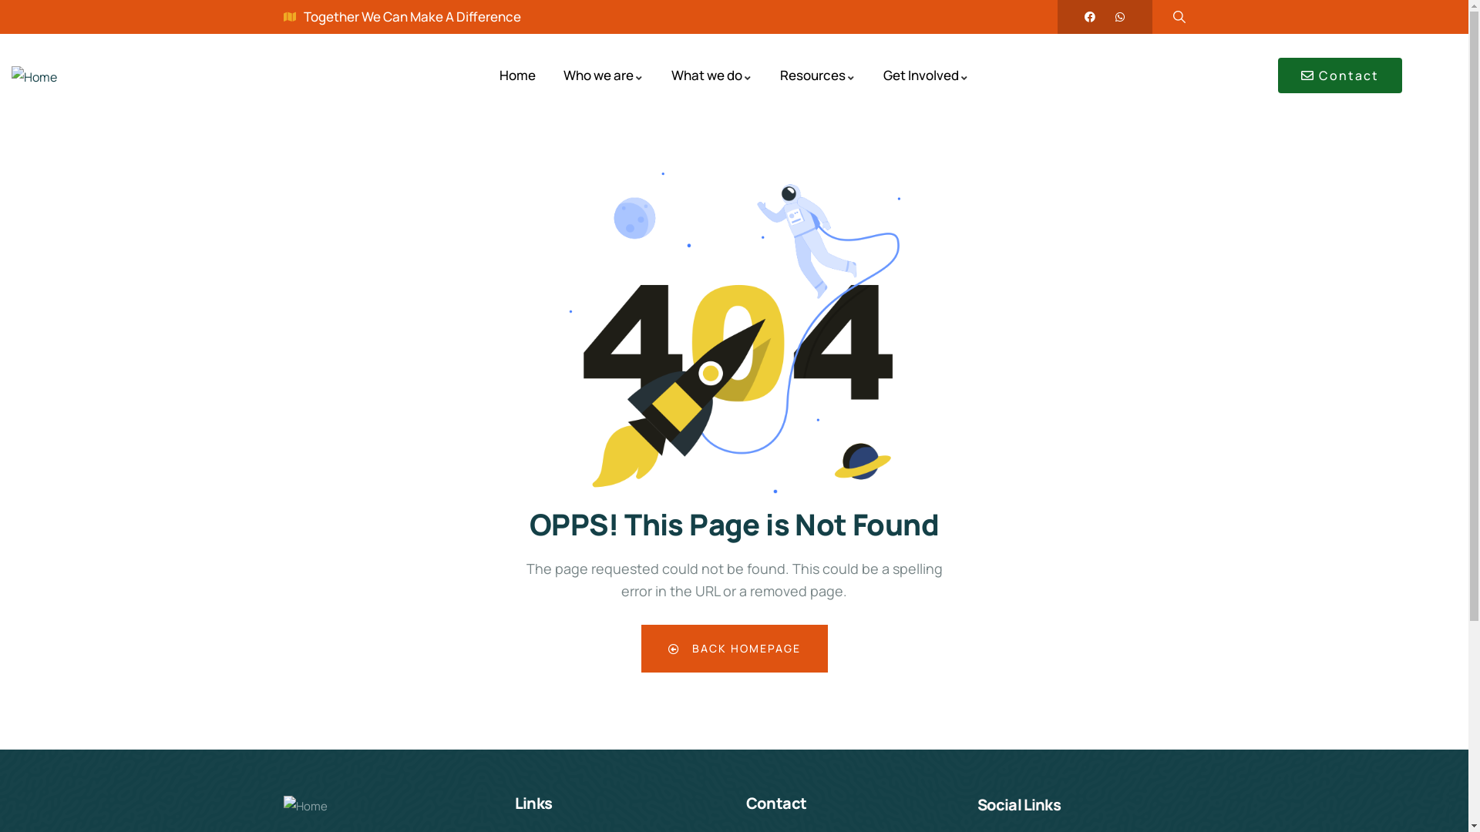  Describe the element at coordinates (34, 77) in the screenshot. I see `'Home'` at that location.